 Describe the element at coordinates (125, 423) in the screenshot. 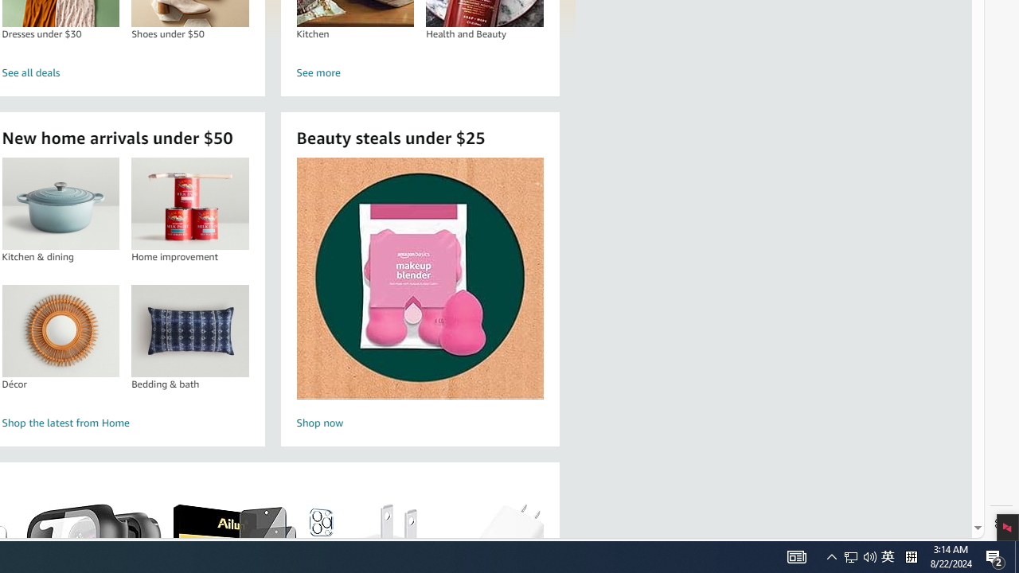

I see `'Shop the latest from Home'` at that location.